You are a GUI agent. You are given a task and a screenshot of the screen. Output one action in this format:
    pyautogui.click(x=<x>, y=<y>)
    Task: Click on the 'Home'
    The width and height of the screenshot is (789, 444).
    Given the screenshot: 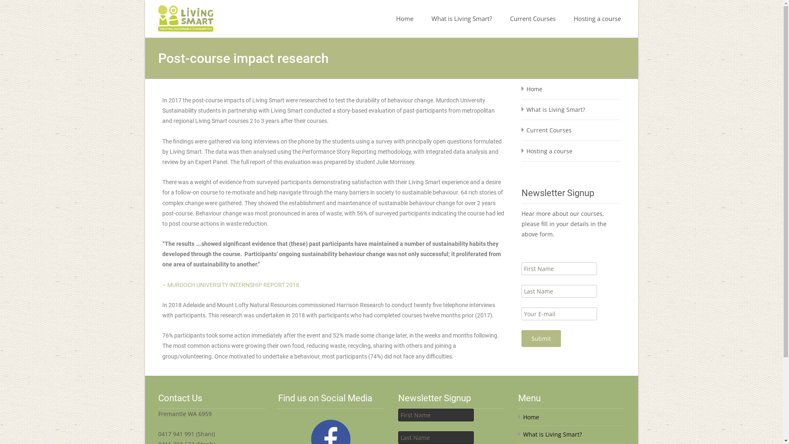 What is the action you would take?
    pyautogui.click(x=534, y=89)
    